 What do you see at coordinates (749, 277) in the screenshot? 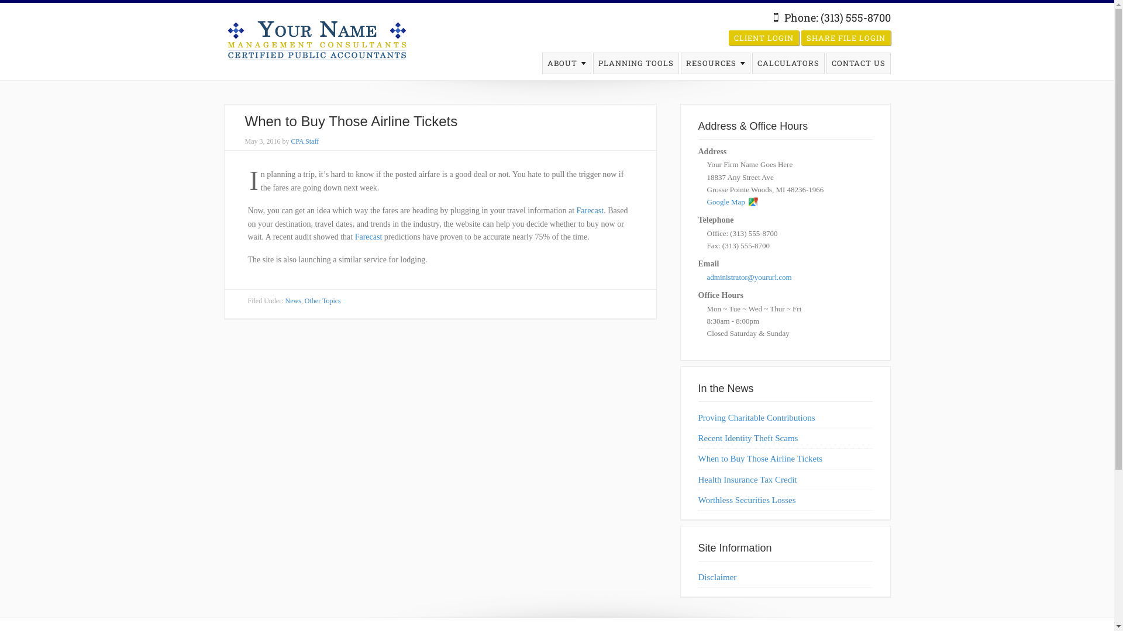
I see `'administrator@yoururl.com'` at bounding box center [749, 277].